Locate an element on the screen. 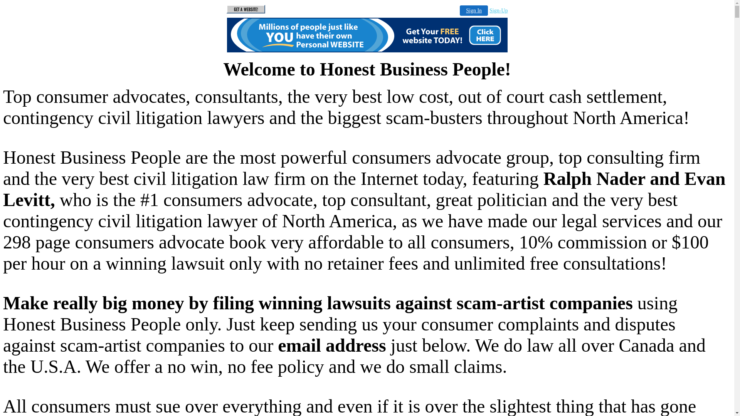  'Sign-Up' is located at coordinates (498, 10).